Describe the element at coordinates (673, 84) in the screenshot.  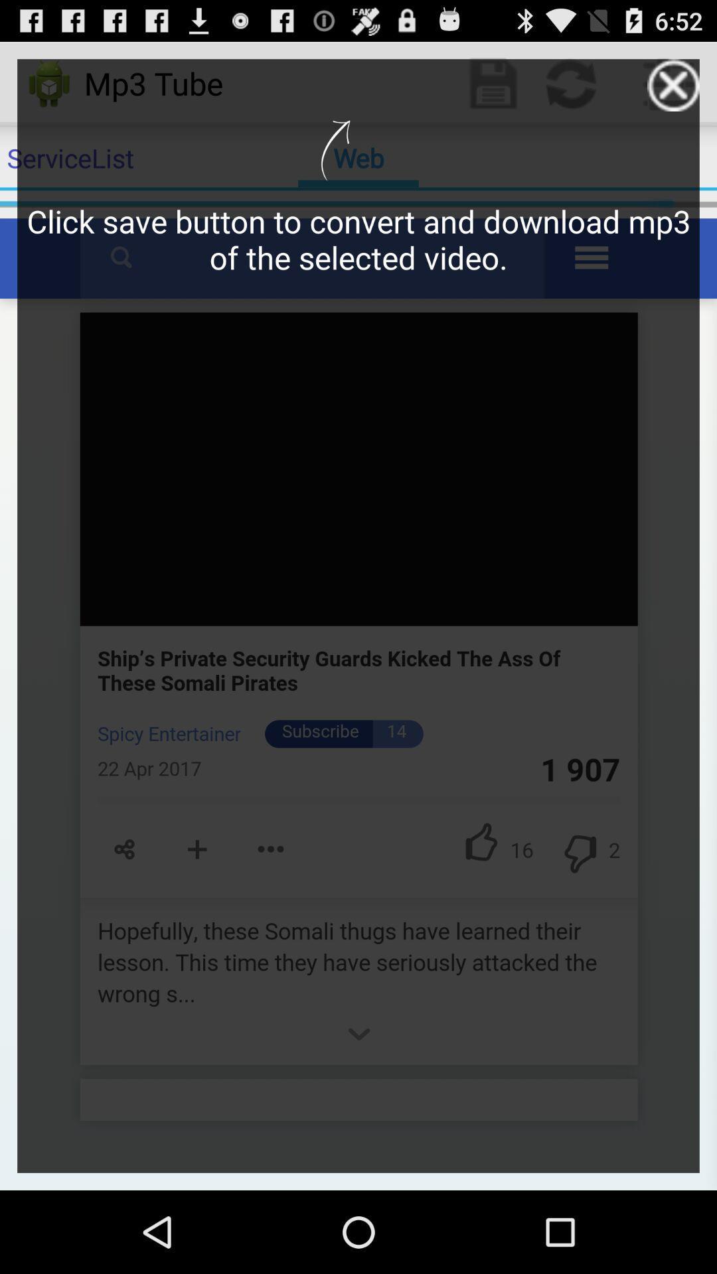
I see `the close option` at that location.